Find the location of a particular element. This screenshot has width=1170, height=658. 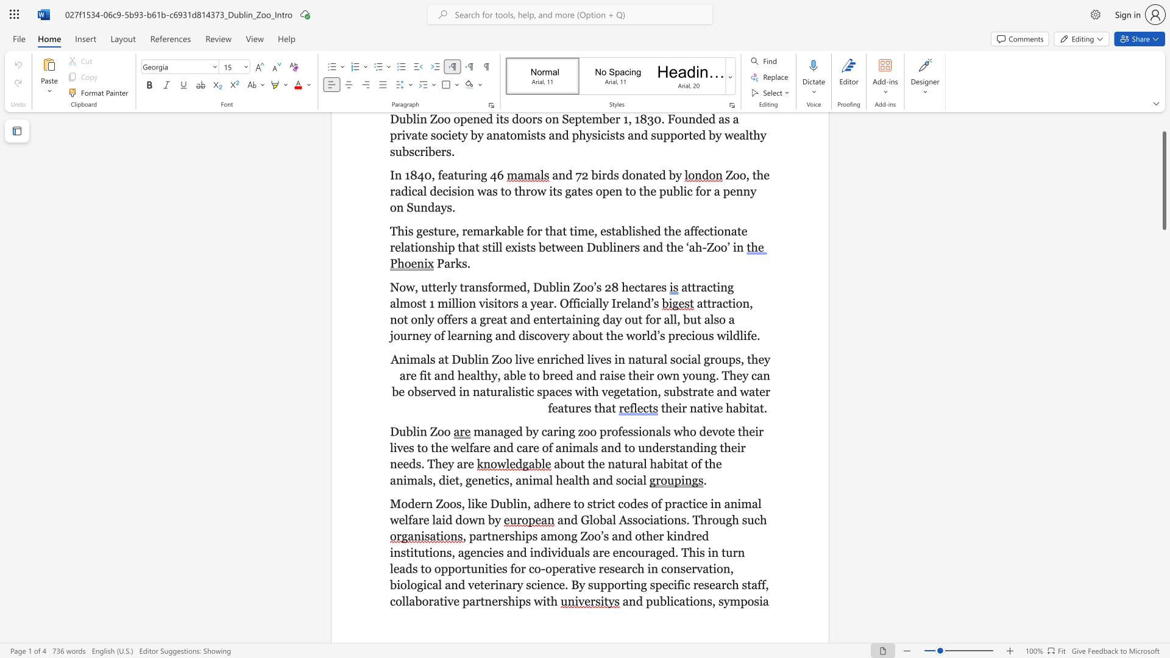

the subset text ", featuring" within the text "In 1840, featuring 46" is located at coordinates (431, 175).